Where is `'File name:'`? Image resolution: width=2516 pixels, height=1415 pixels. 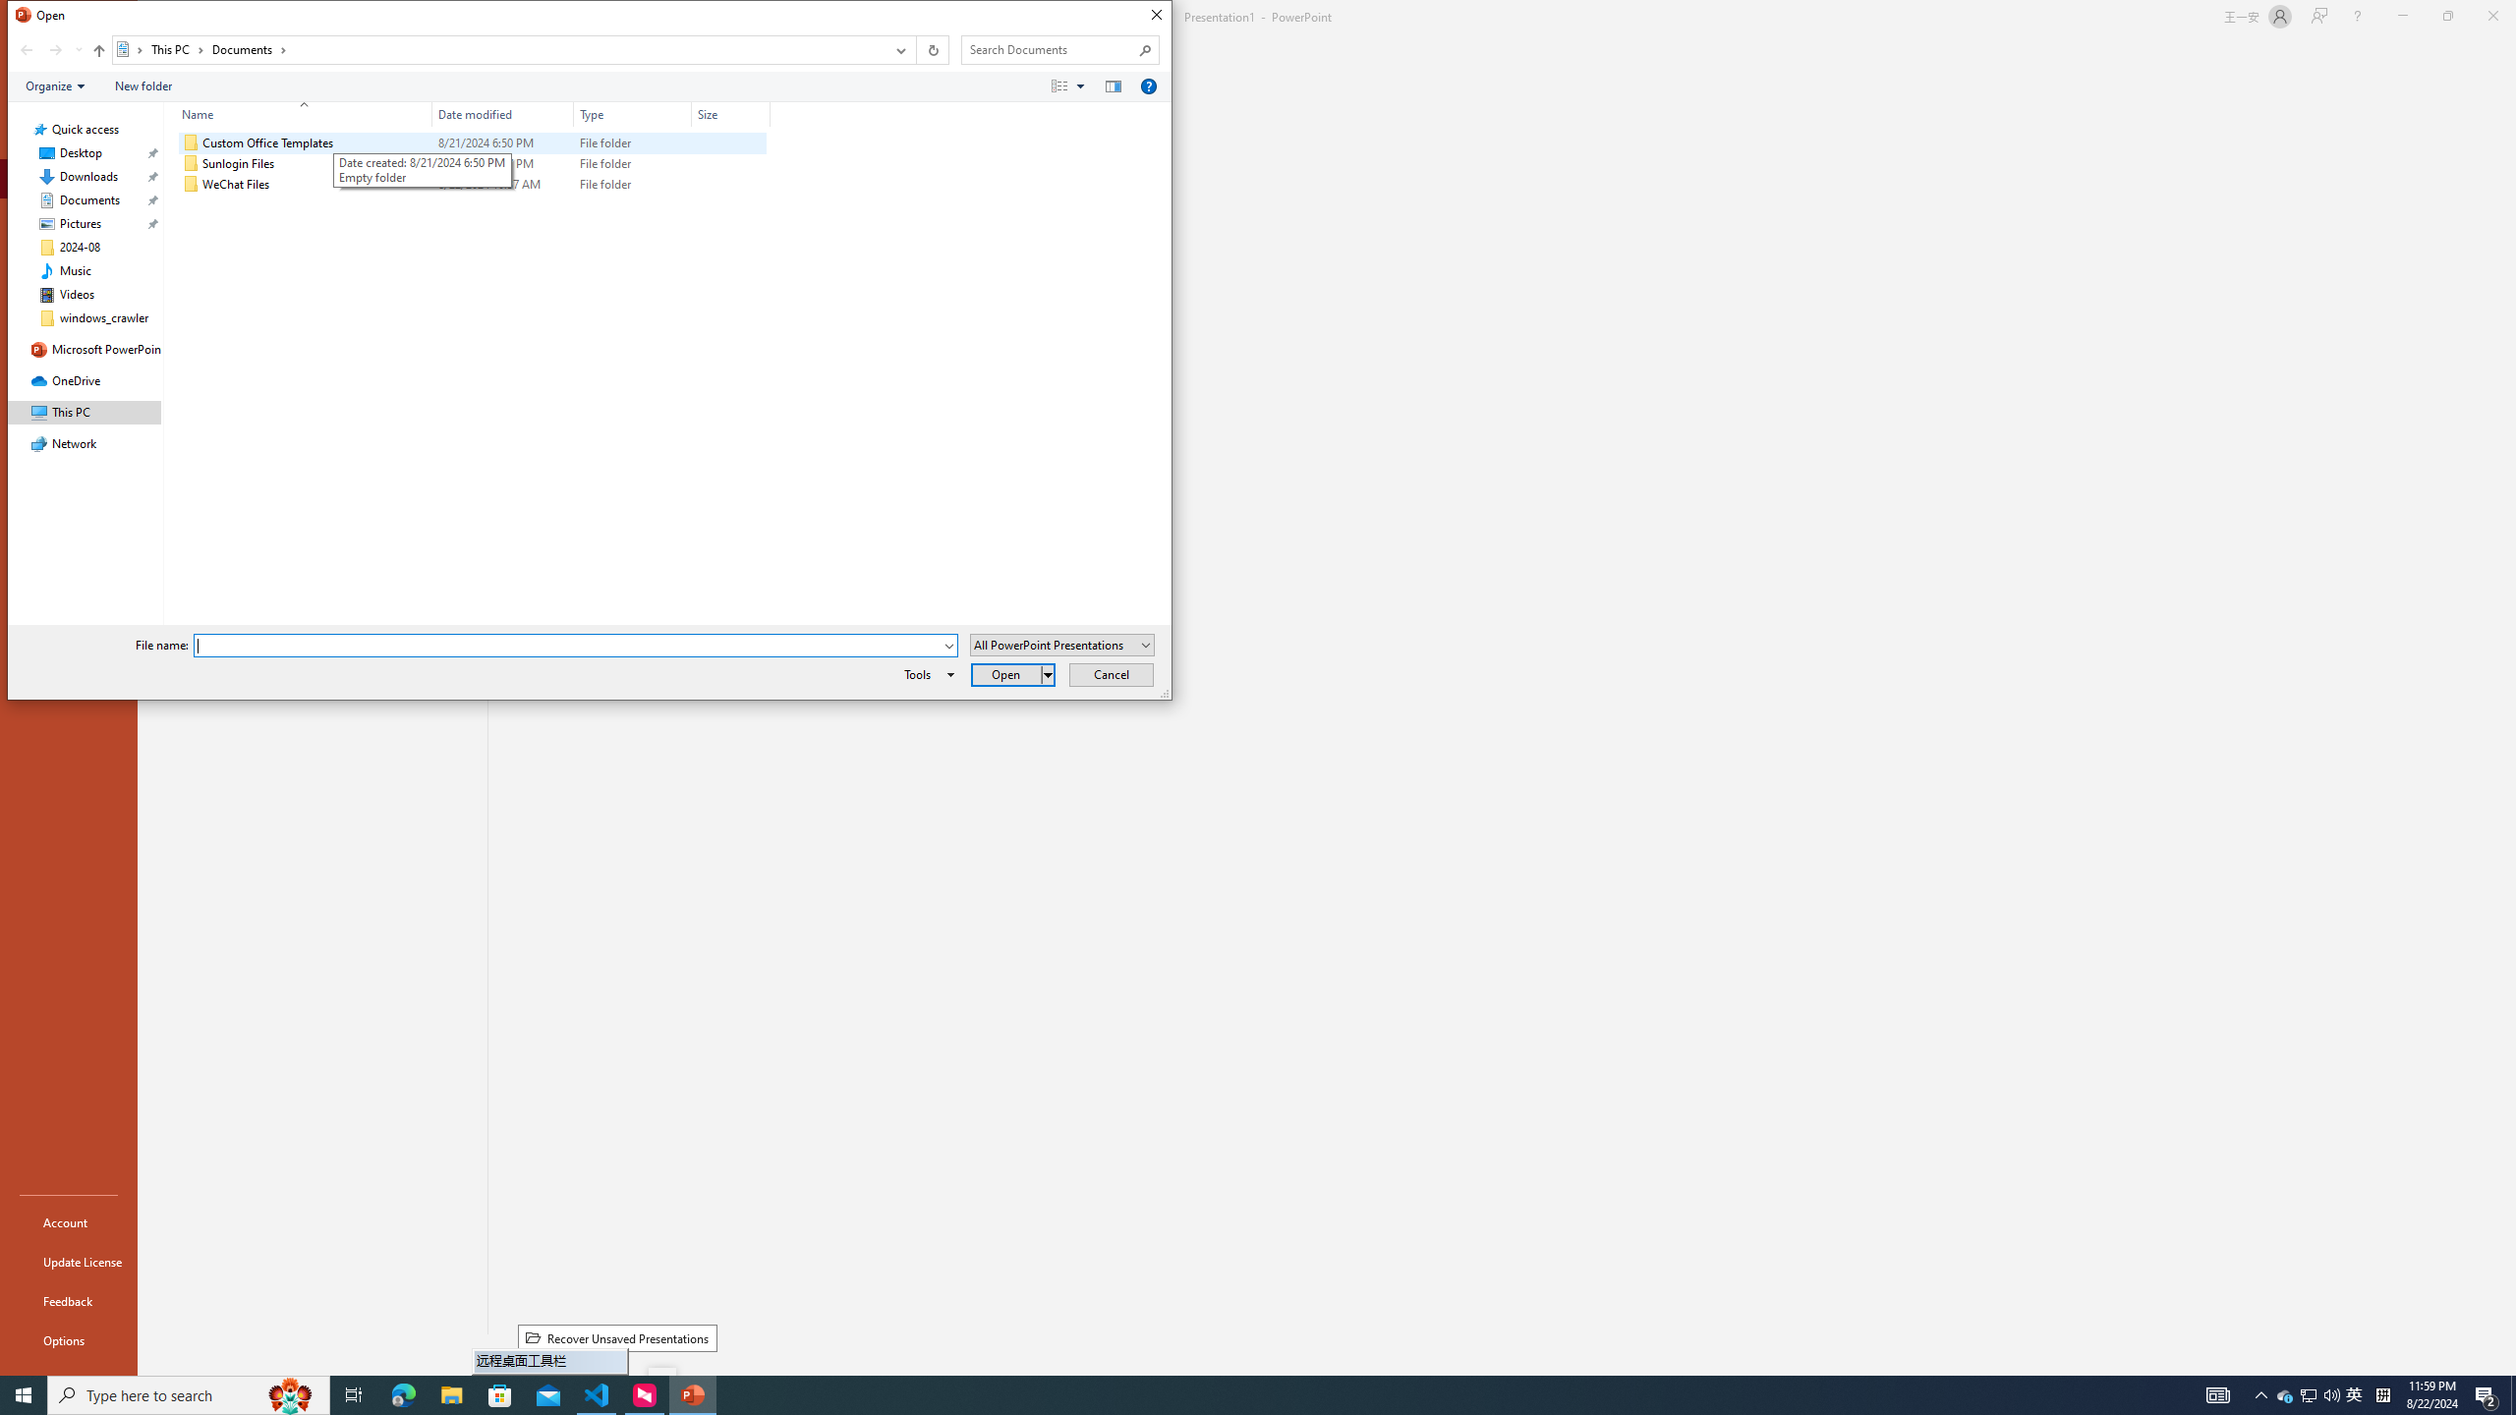
'File name:' is located at coordinates (576, 645).